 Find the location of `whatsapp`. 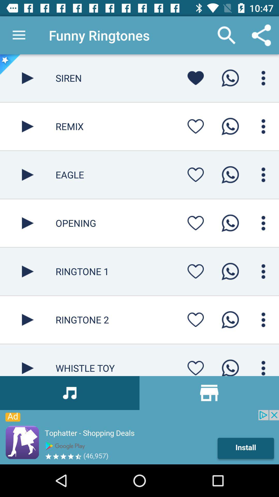

whatsapp is located at coordinates (230, 78).